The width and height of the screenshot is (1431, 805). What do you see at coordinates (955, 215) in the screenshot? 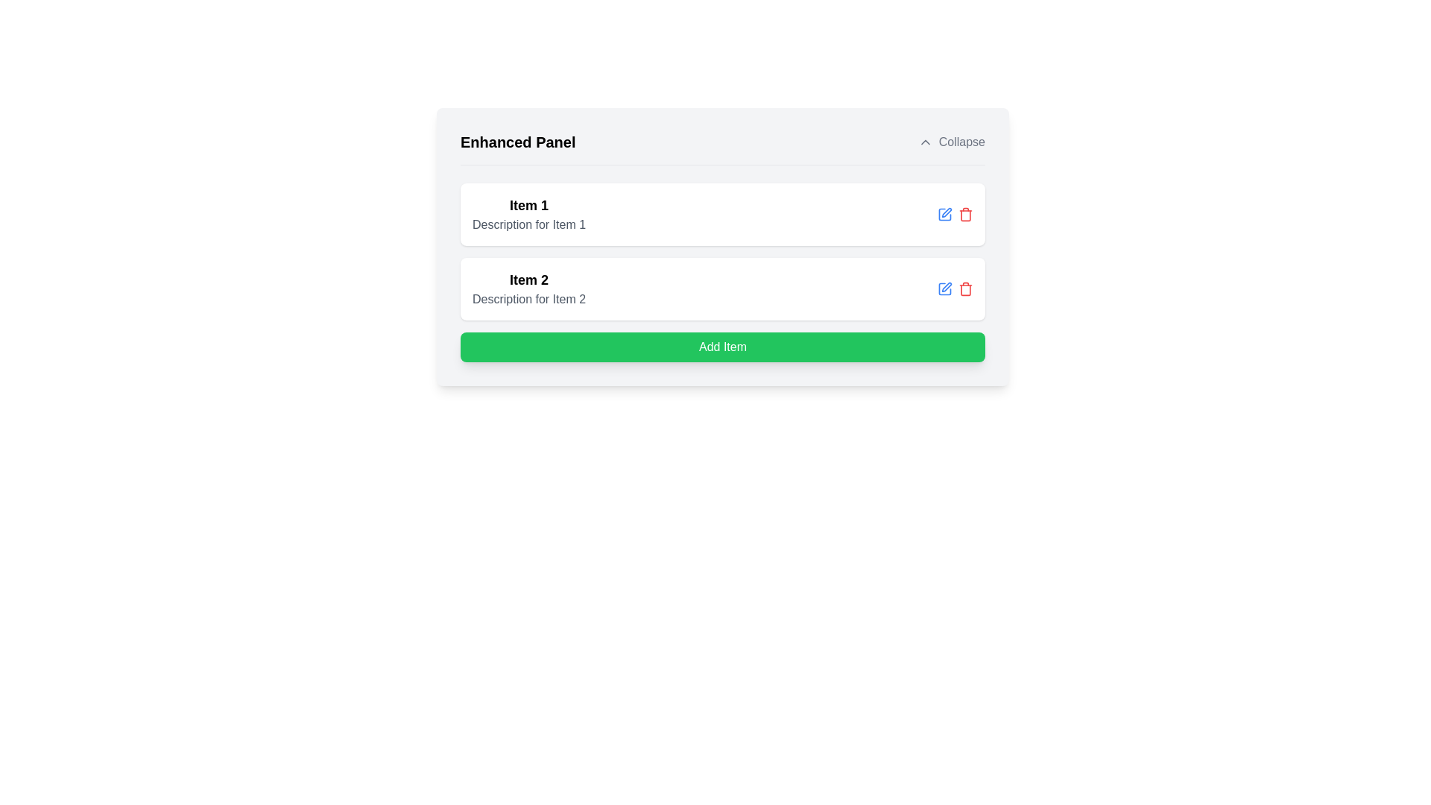
I see `the icon button group located in the top-right corner of the first item card titled 'Item 1'` at bounding box center [955, 215].